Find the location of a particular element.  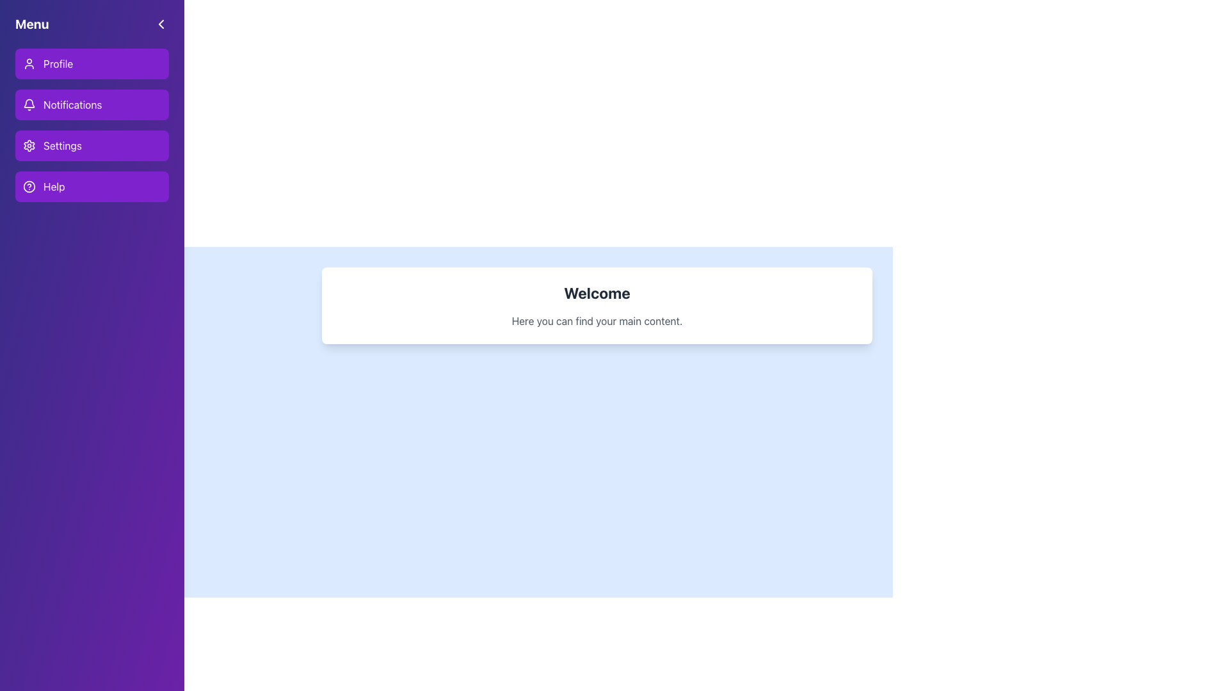

the explanatory text that serves as a subtitle under the 'Welcome' header in the card layout is located at coordinates (596, 320).